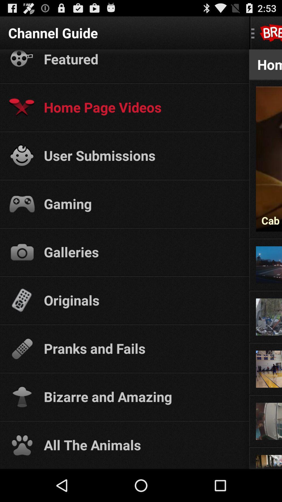  What do you see at coordinates (142, 252) in the screenshot?
I see `galleries icon` at bounding box center [142, 252].